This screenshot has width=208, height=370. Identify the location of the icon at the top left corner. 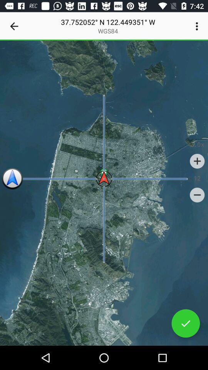
(14, 26).